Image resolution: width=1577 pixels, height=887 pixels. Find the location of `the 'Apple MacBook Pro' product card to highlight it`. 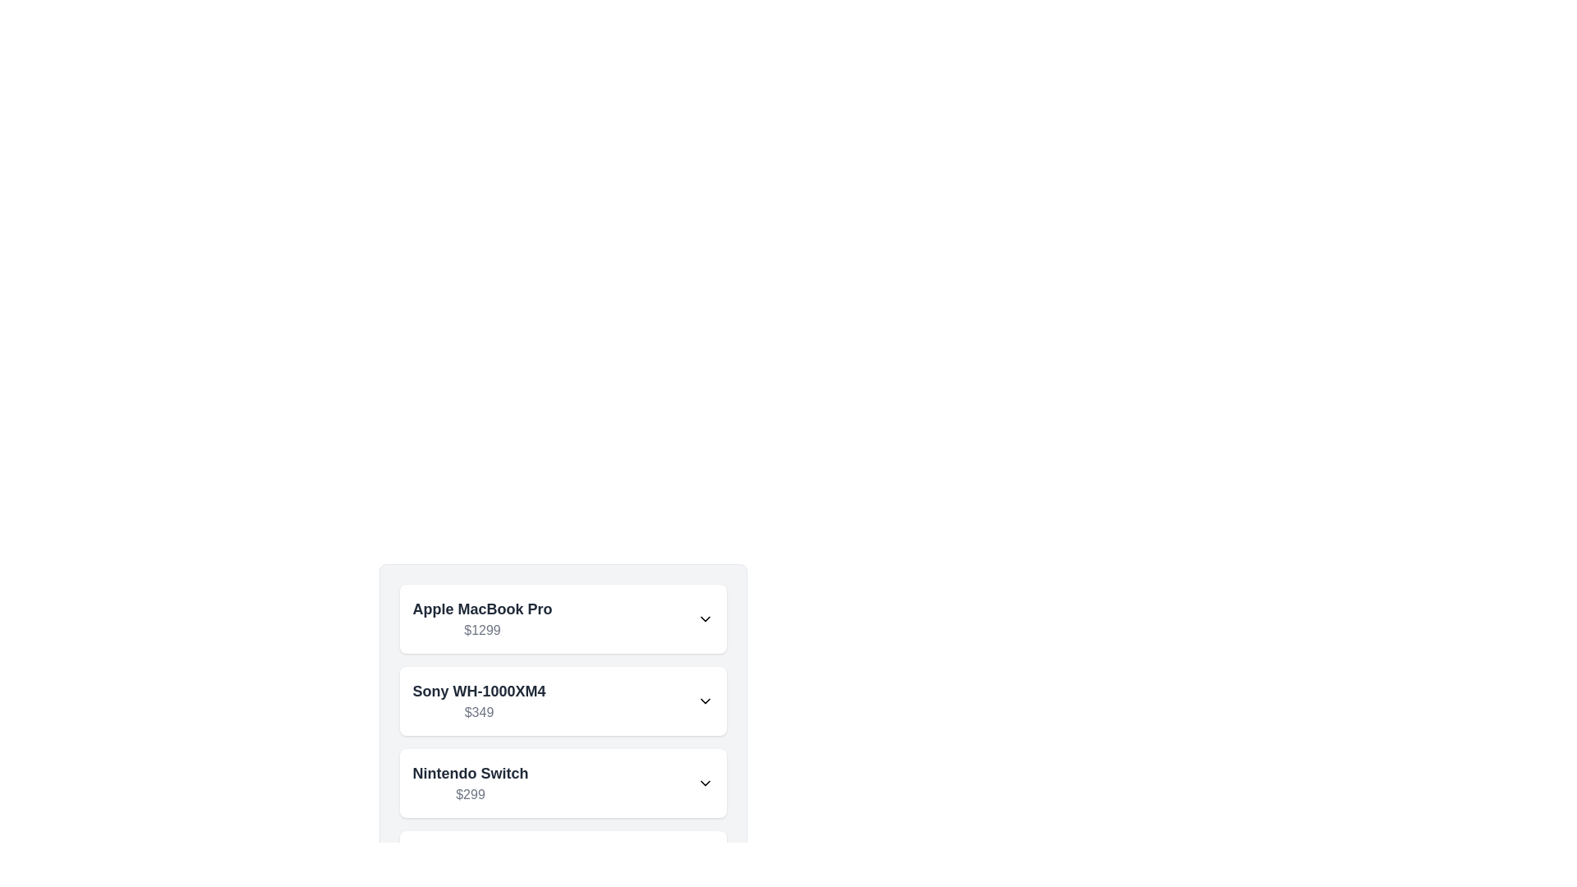

the 'Apple MacBook Pro' product card to highlight it is located at coordinates (563, 618).